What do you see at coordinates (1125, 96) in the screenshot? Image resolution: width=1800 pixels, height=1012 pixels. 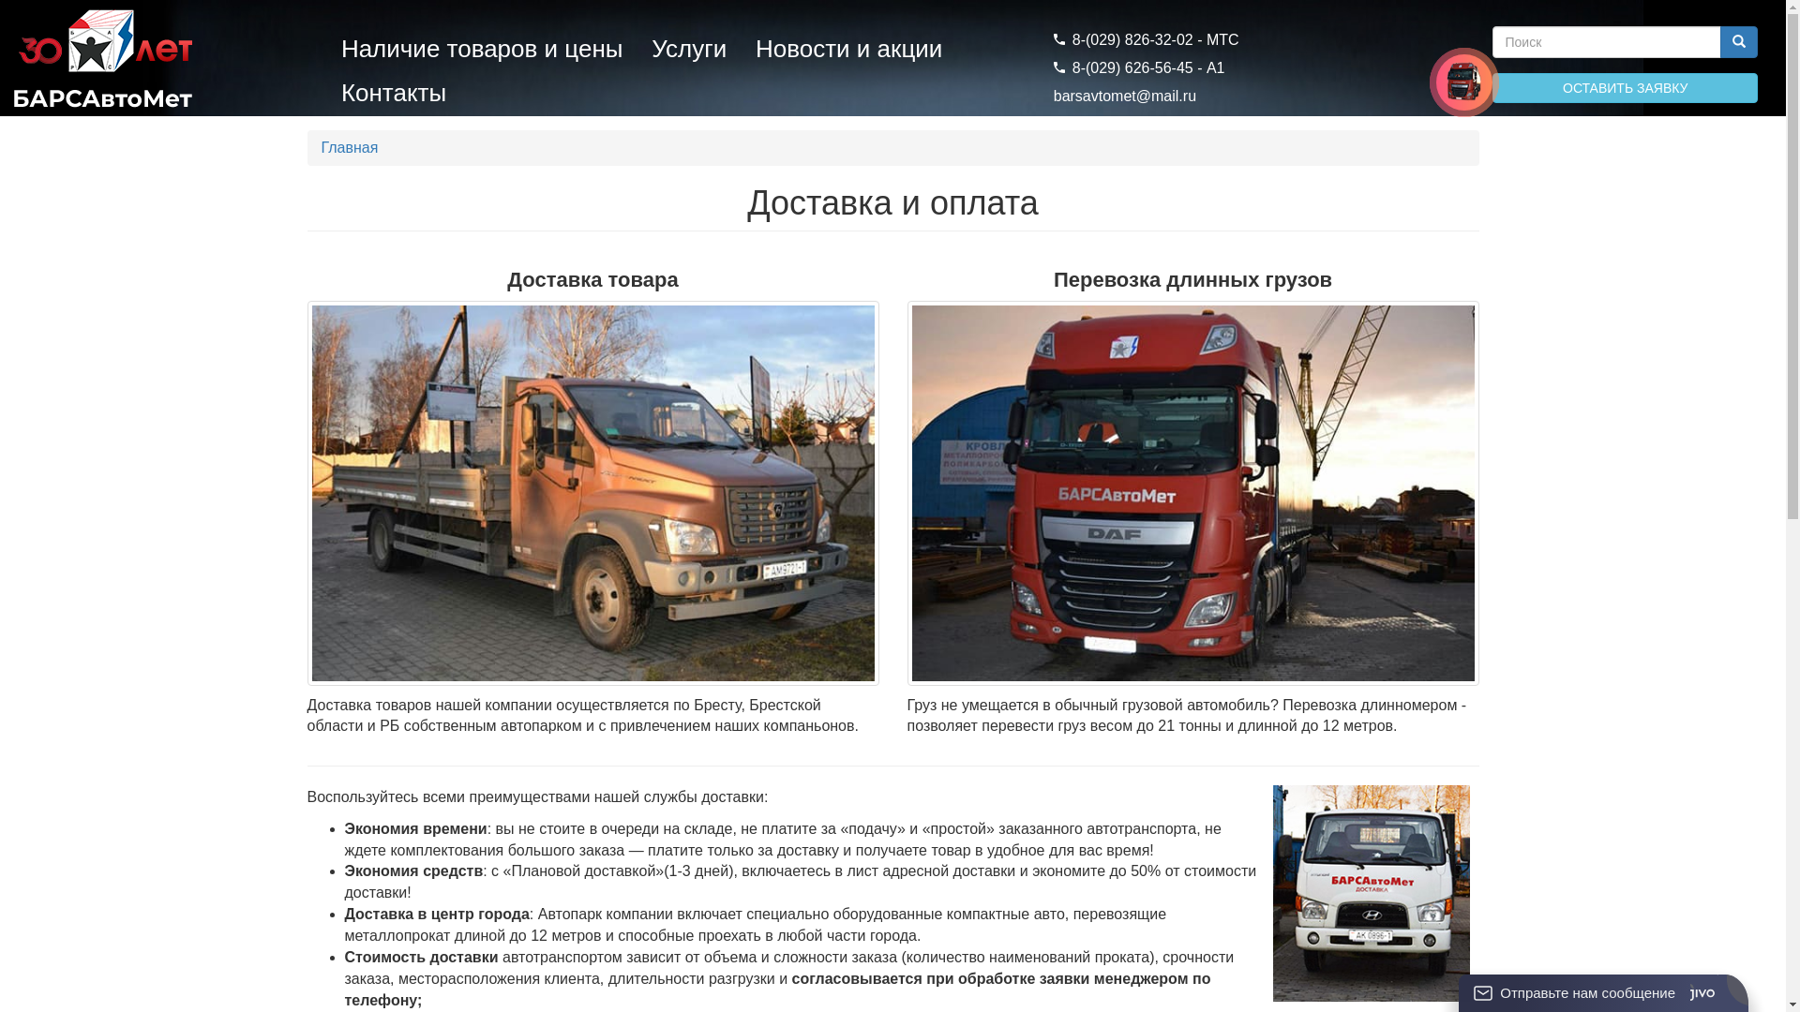 I see `'barsavtomet@mail.ru'` at bounding box center [1125, 96].